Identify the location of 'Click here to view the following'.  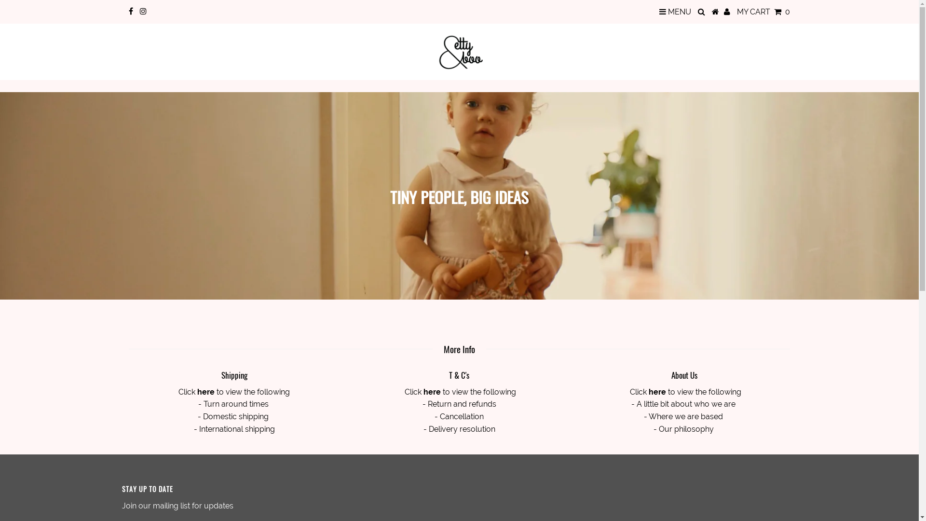
(234, 392).